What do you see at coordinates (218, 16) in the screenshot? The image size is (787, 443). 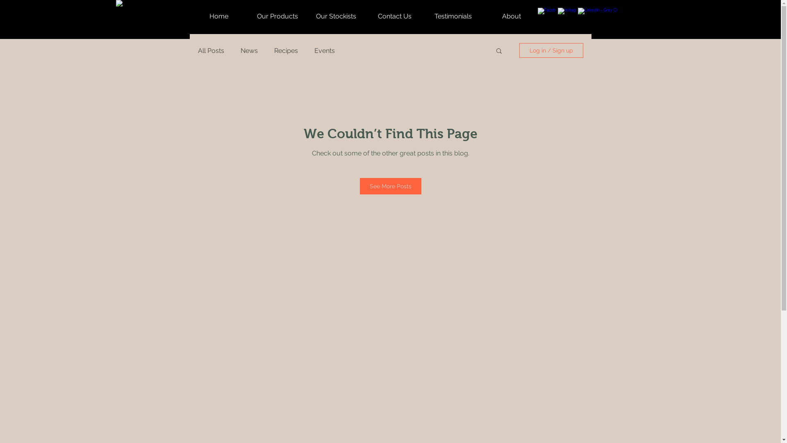 I see `'Home'` at bounding box center [218, 16].